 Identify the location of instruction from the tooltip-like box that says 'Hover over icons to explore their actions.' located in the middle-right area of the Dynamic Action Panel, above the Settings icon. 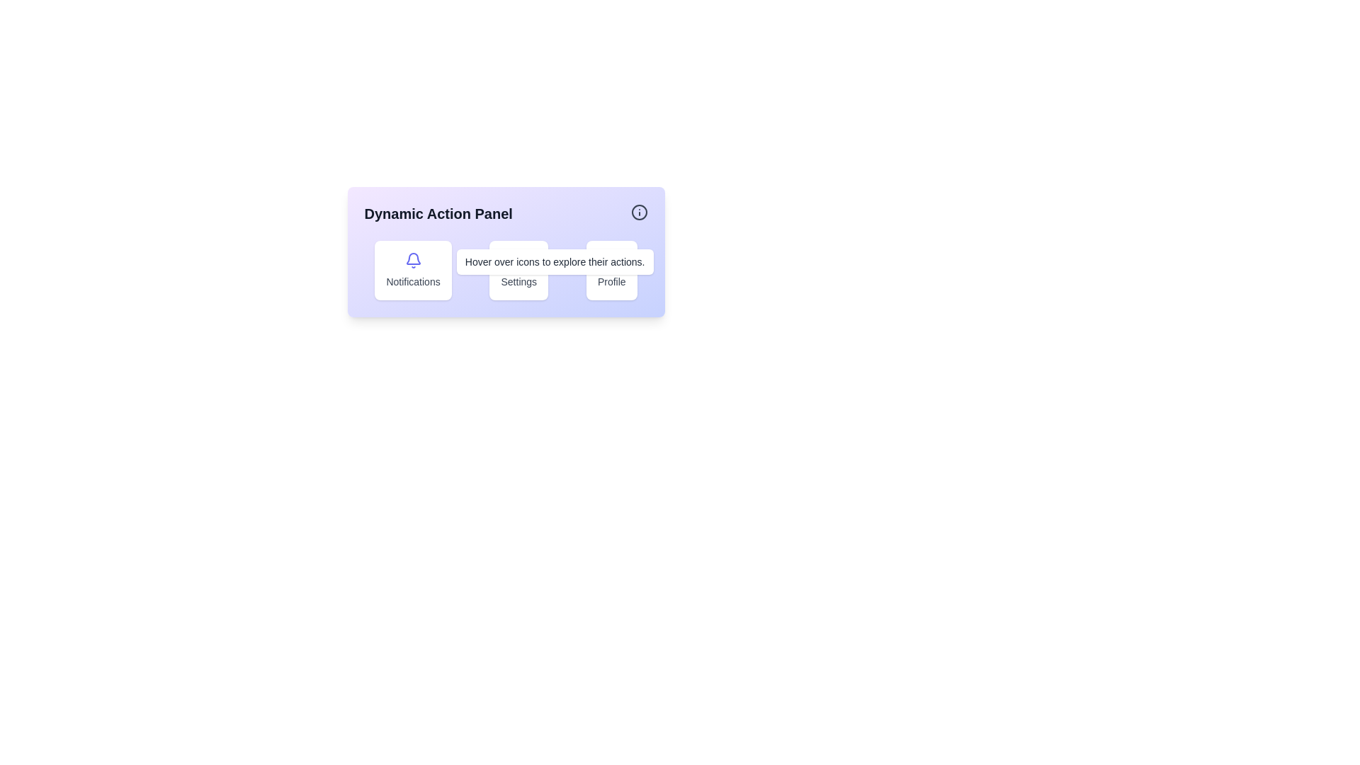
(554, 262).